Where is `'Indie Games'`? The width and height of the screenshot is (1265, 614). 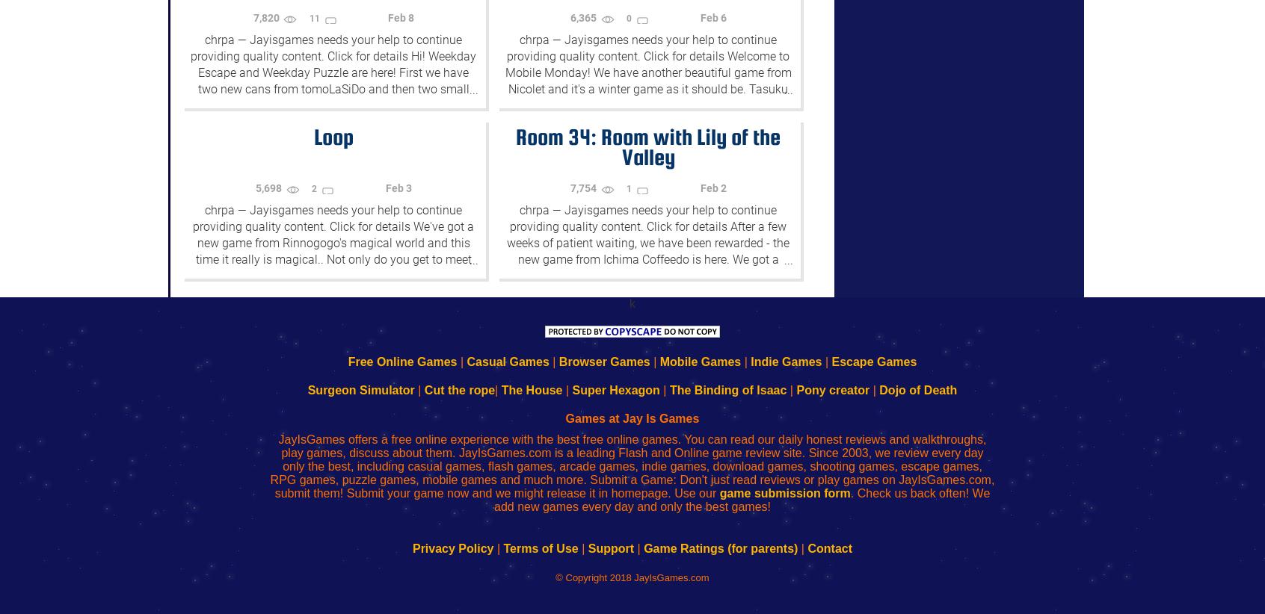
'Indie Games' is located at coordinates (785, 362).